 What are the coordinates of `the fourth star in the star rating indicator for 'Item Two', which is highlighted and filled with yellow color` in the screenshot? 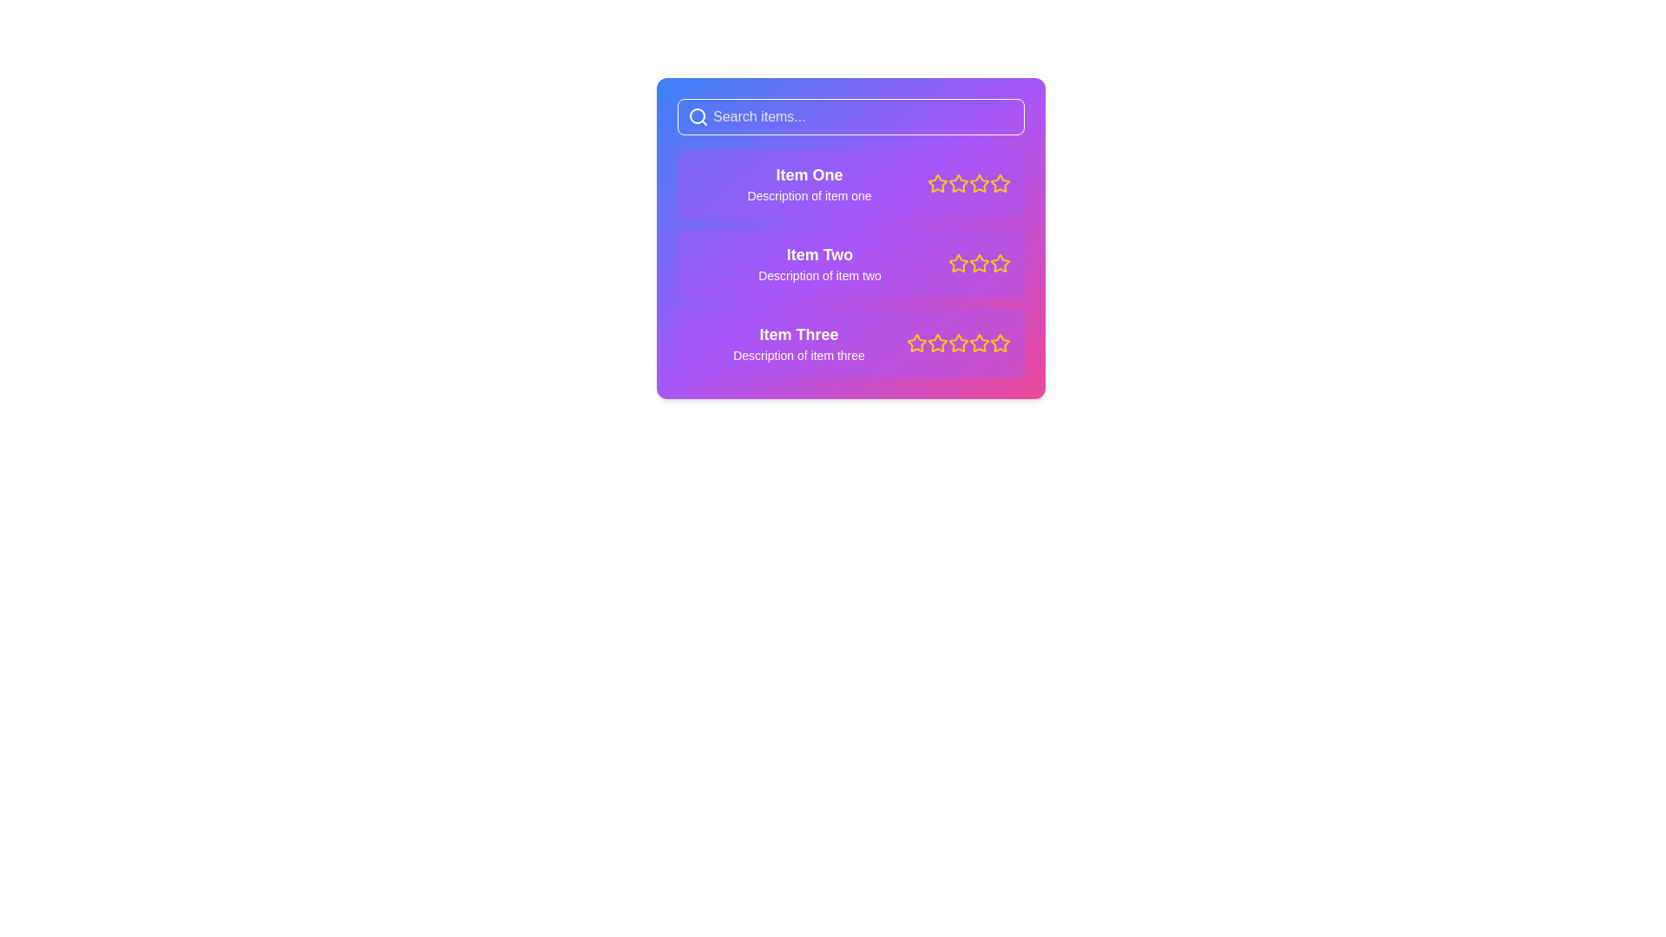 It's located at (1000, 263).